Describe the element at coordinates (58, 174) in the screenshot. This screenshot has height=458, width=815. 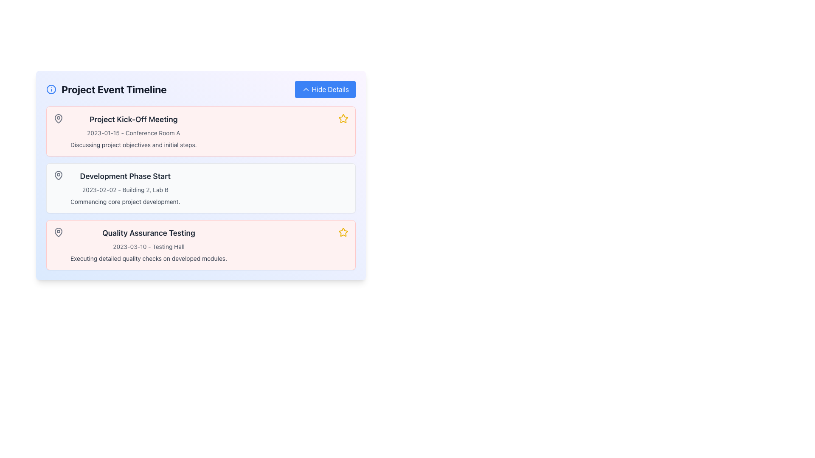
I see `the red-colored, pin-shaped map marker icon located to the left of the second event entry labeled 'Development Phase Start'` at that location.